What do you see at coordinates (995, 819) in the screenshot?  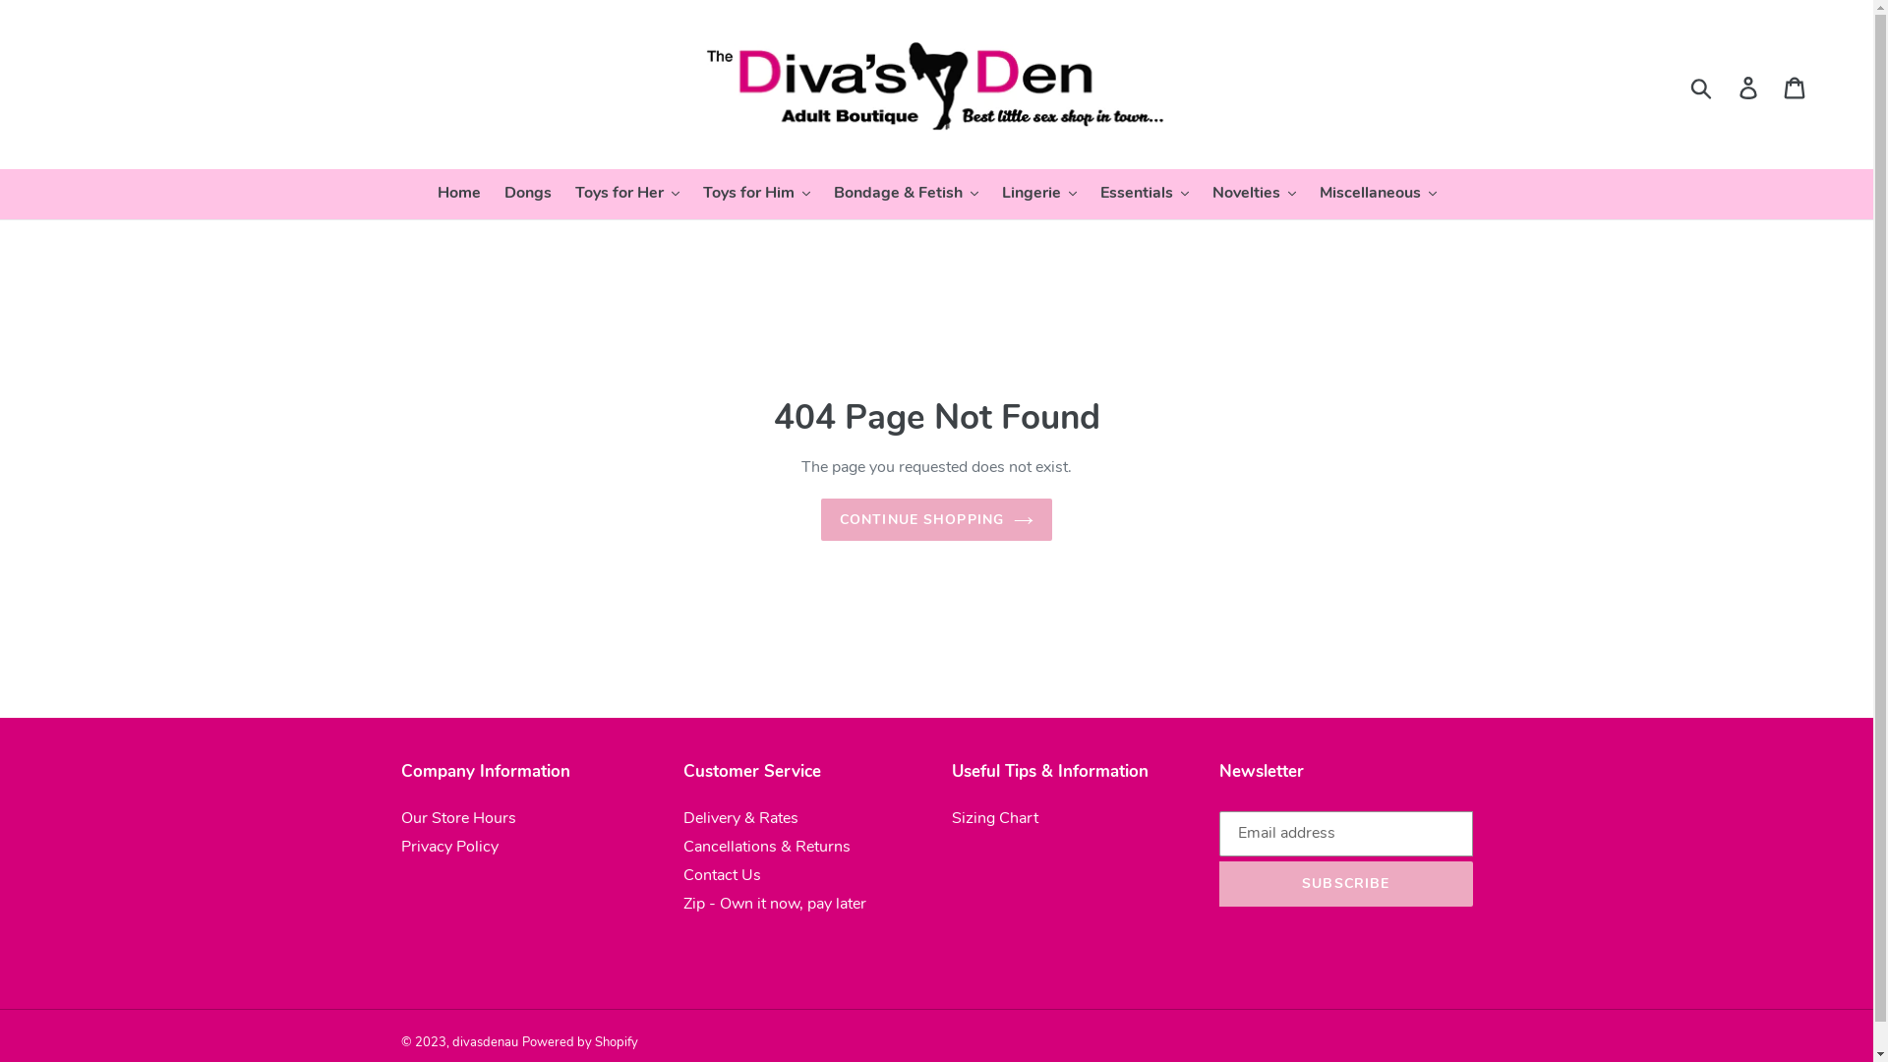 I see `'Sizing Chart'` at bounding box center [995, 819].